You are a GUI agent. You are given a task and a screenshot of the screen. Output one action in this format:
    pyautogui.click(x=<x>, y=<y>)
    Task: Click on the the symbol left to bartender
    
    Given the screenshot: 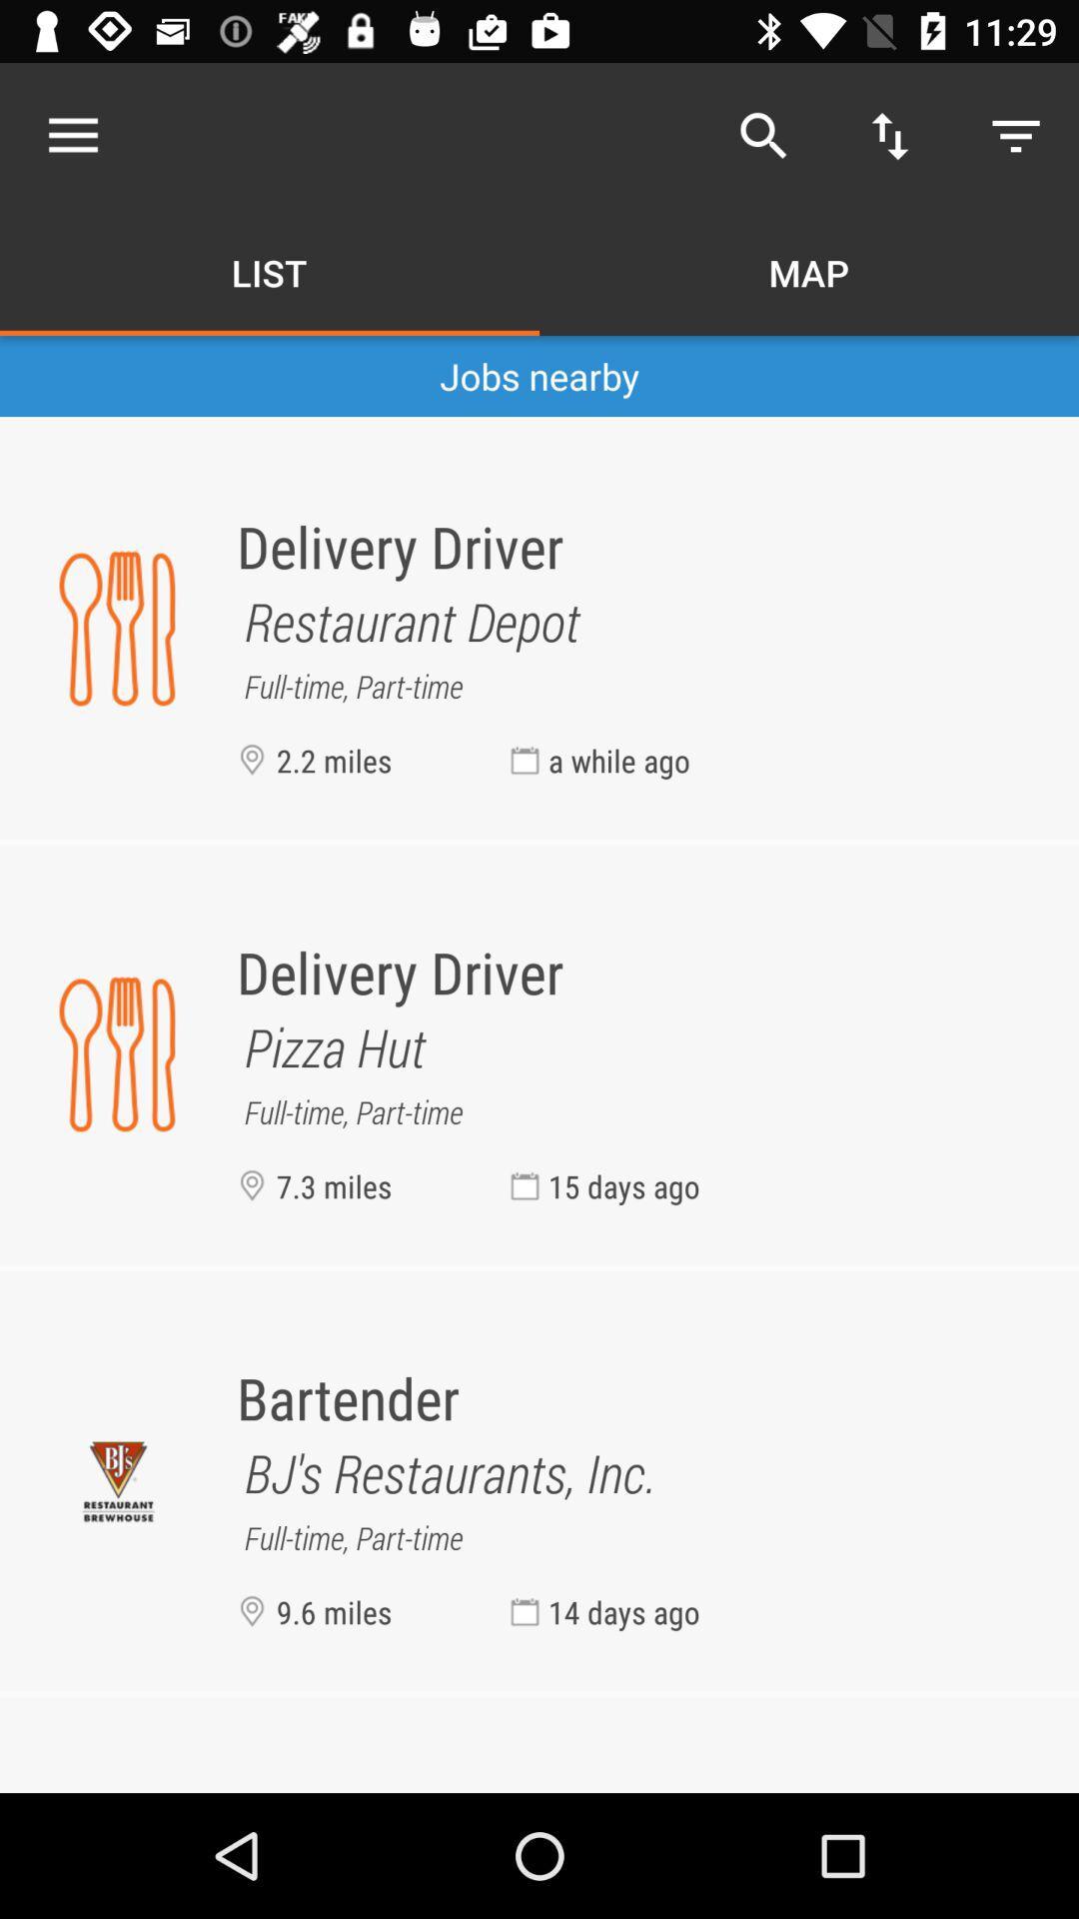 What is the action you would take?
    pyautogui.click(x=118, y=1481)
    